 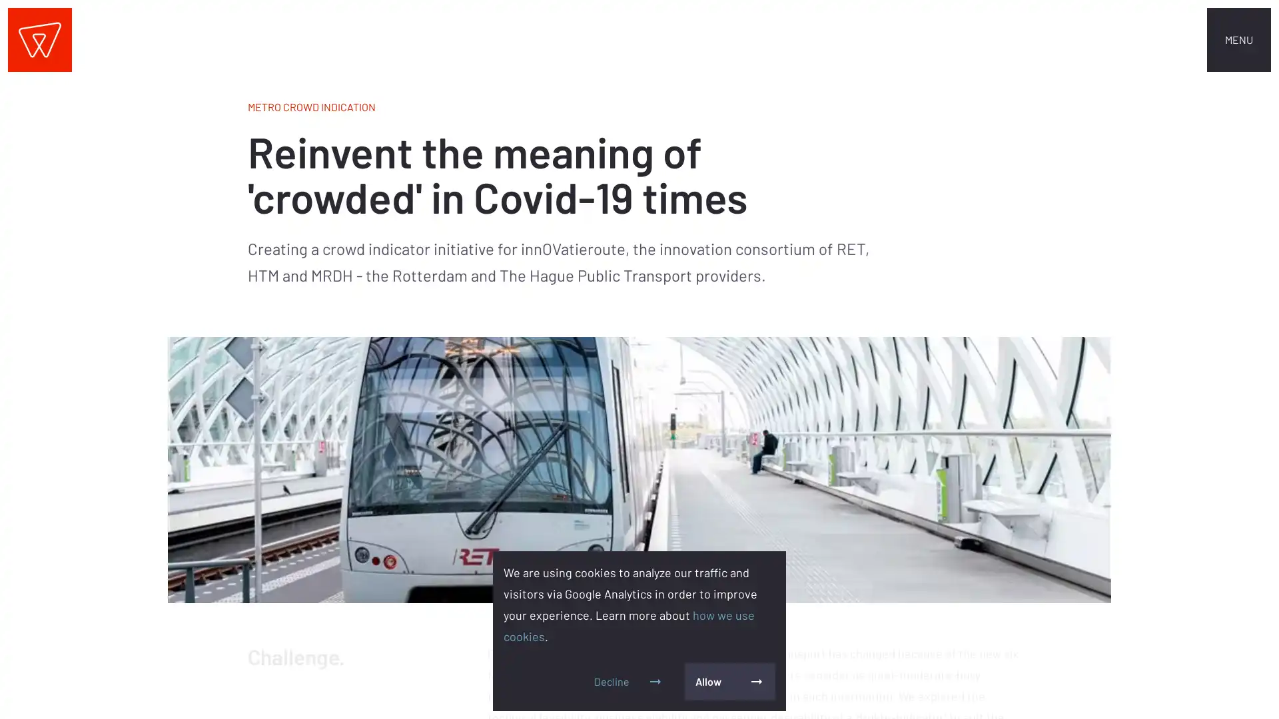 What do you see at coordinates (729, 681) in the screenshot?
I see `Allow` at bounding box center [729, 681].